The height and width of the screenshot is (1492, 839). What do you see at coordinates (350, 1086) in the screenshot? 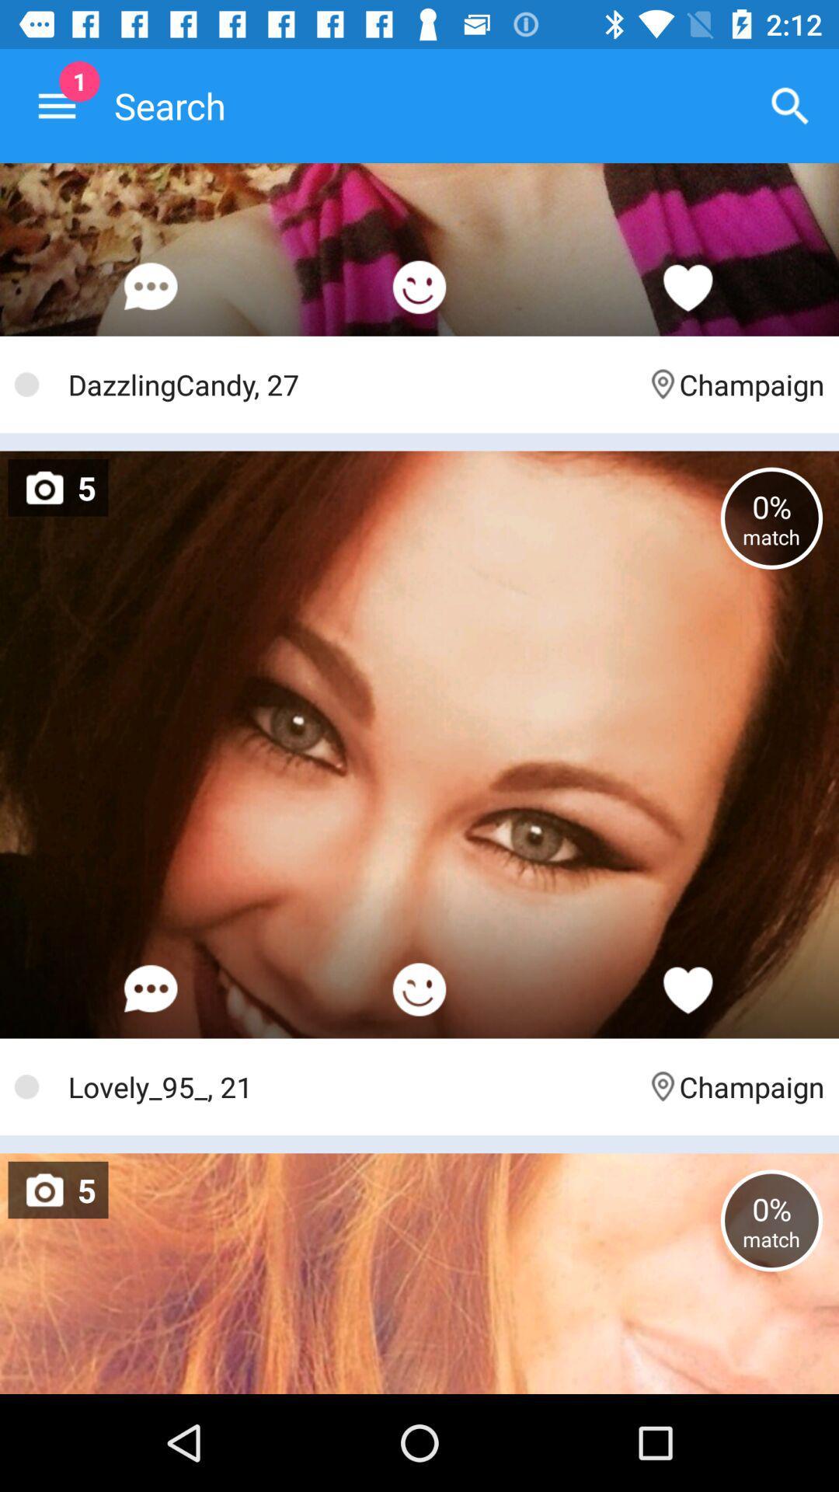
I see `the lovely_95_, 21` at bounding box center [350, 1086].